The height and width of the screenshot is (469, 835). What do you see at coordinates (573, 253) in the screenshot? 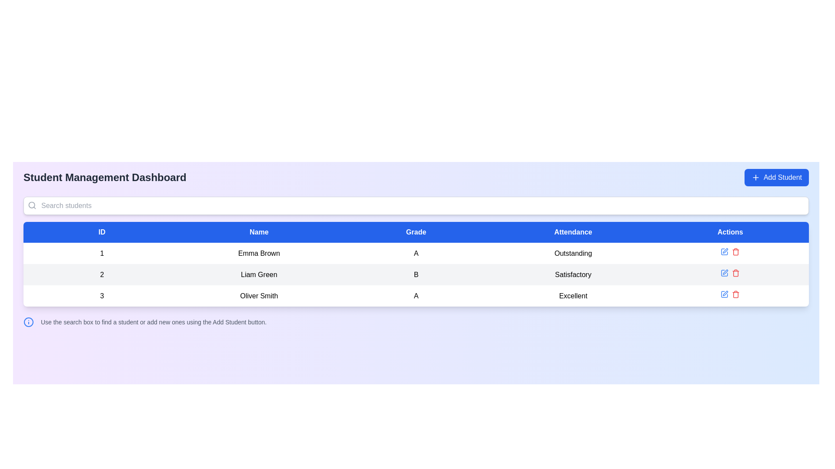
I see `the static text label displaying 'Outstanding' in bold font, located in the Attendance column of the first row for 'Emma Brown'` at bounding box center [573, 253].